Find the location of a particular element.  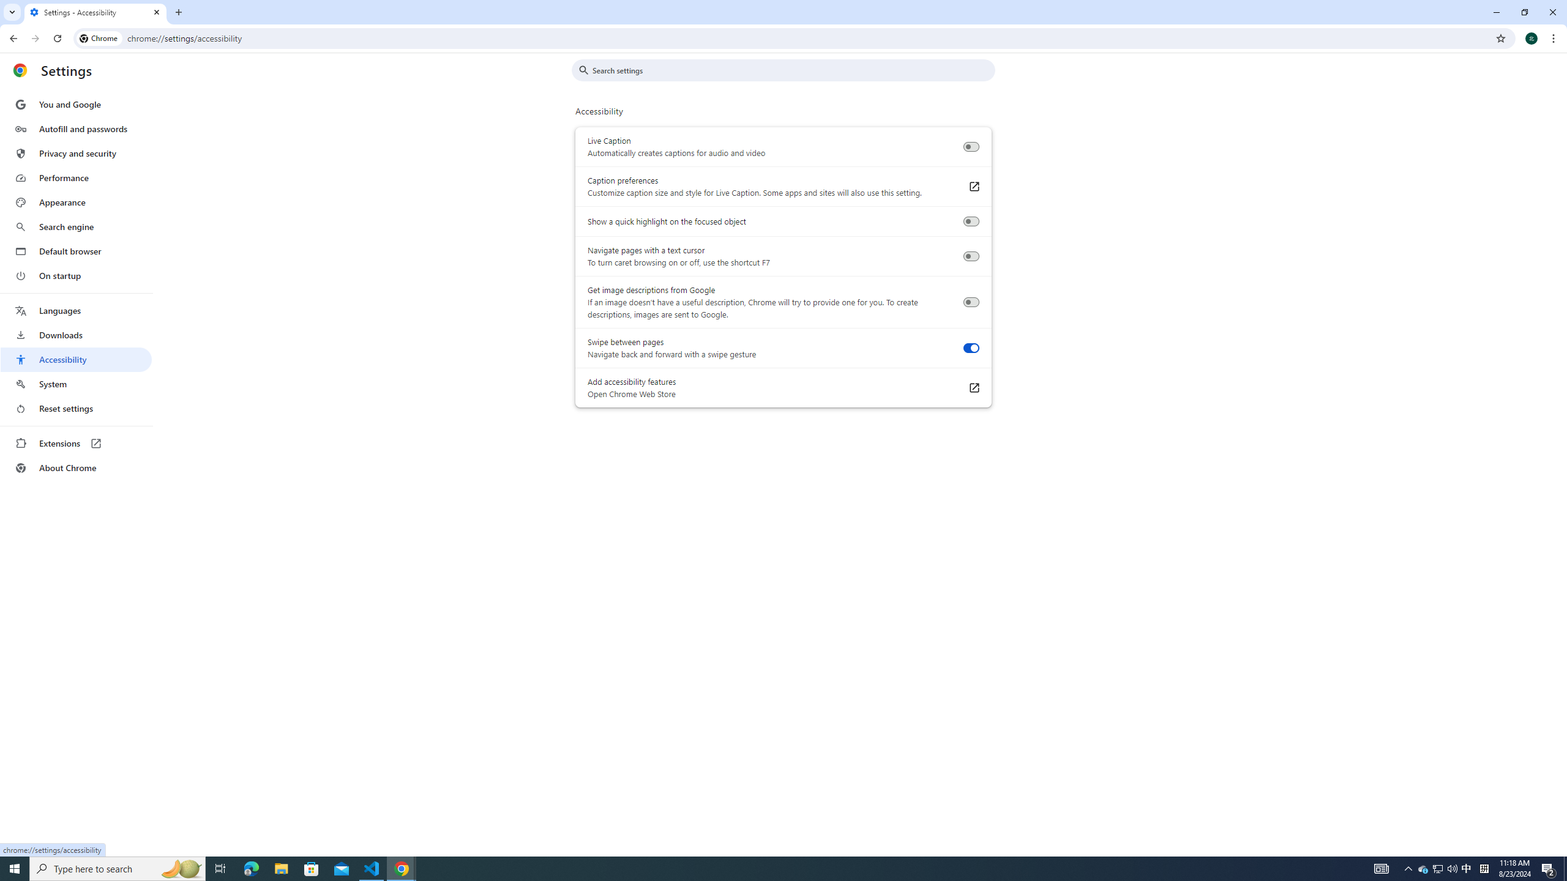

'Accessibility' is located at coordinates (75, 359).